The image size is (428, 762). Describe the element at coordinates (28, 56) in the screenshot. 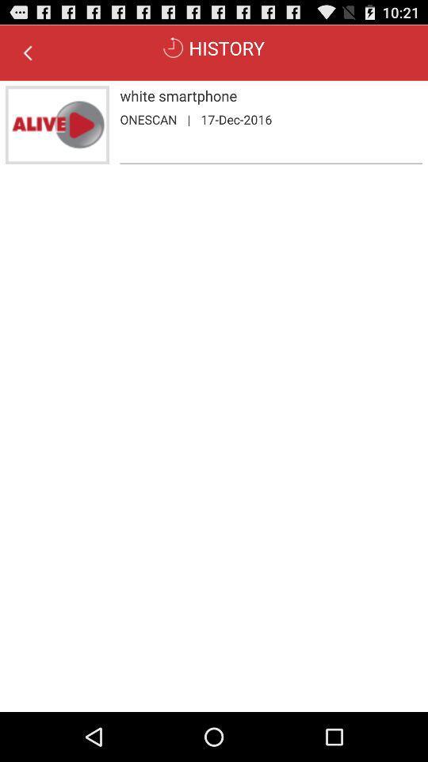

I see `the arrow_backward icon` at that location.